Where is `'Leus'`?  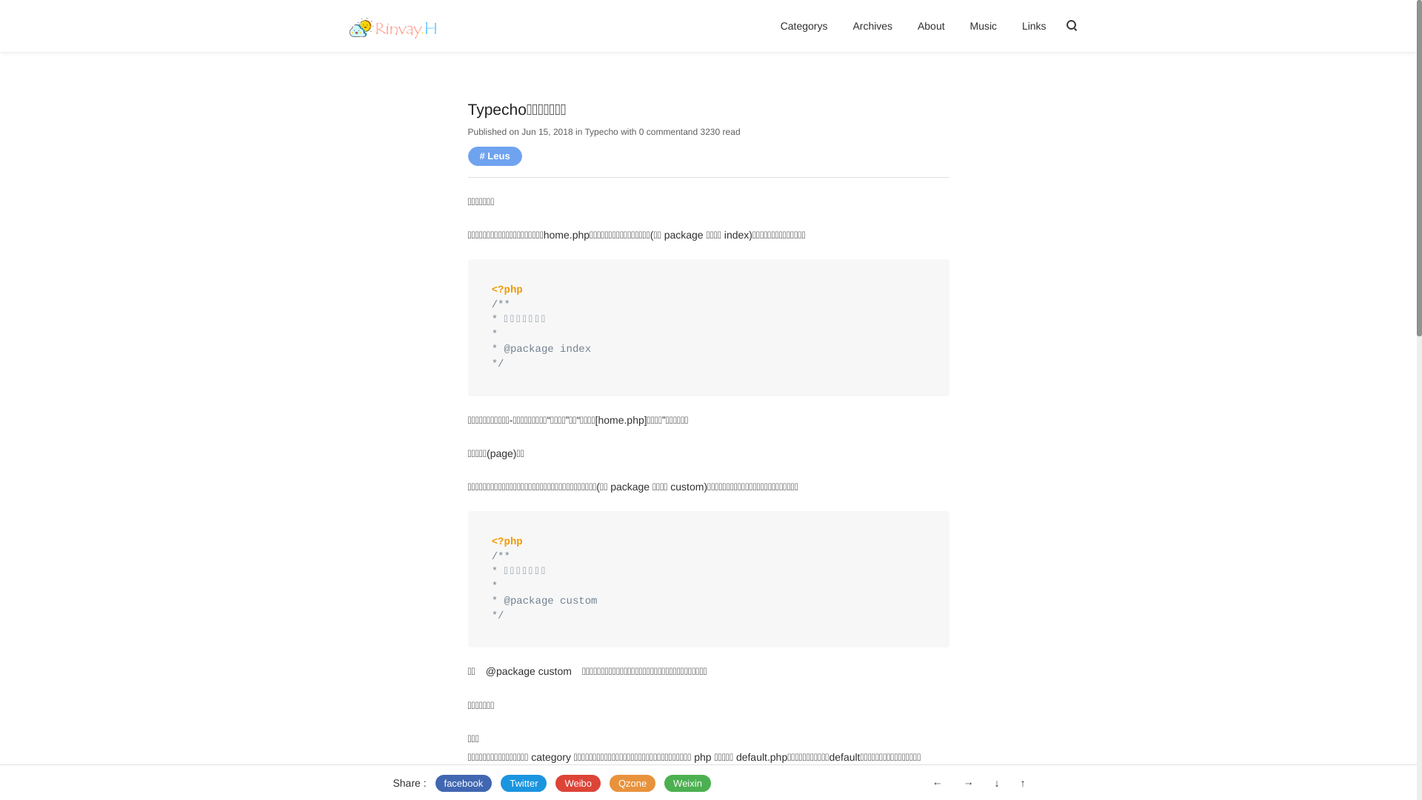
'Leus' is located at coordinates (495, 156).